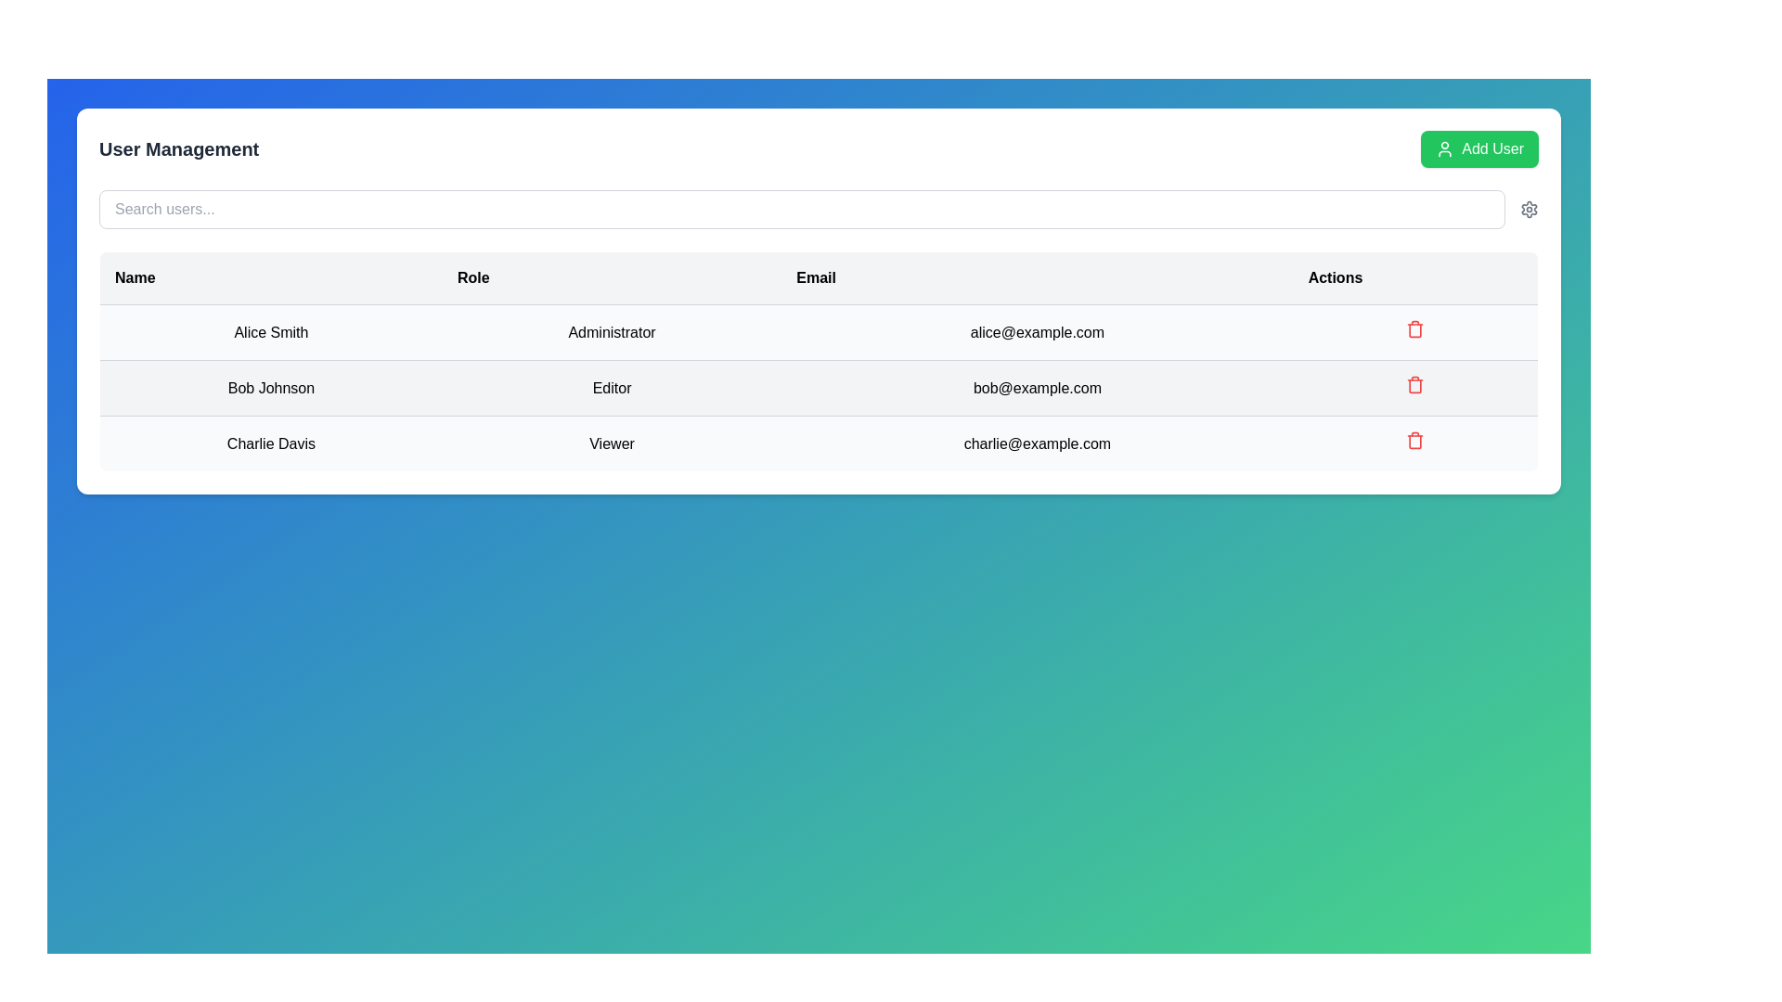 Image resolution: width=1782 pixels, height=1002 pixels. What do you see at coordinates (1444, 148) in the screenshot?
I see `the user icon, which is an outline figure of a person within a circular frame, located to the left of the 'Add User' text in the 'User Management' section` at bounding box center [1444, 148].